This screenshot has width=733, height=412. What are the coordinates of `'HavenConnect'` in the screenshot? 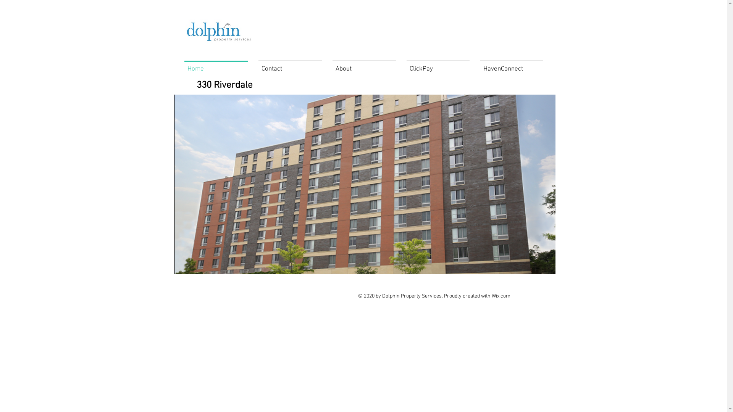 It's located at (512, 65).